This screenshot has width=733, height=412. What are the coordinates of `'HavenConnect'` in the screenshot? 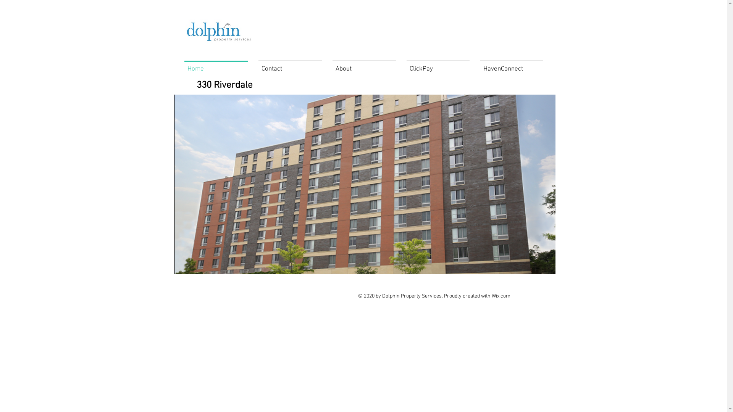 It's located at (512, 65).